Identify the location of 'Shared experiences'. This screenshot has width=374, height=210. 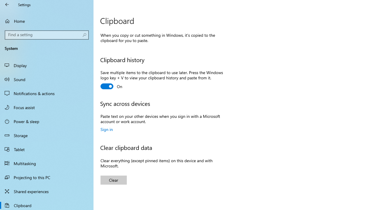
(47, 191).